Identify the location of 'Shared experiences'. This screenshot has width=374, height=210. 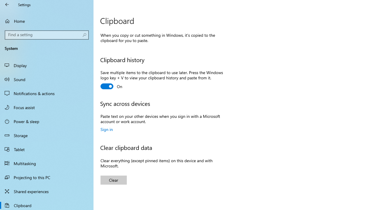
(47, 191).